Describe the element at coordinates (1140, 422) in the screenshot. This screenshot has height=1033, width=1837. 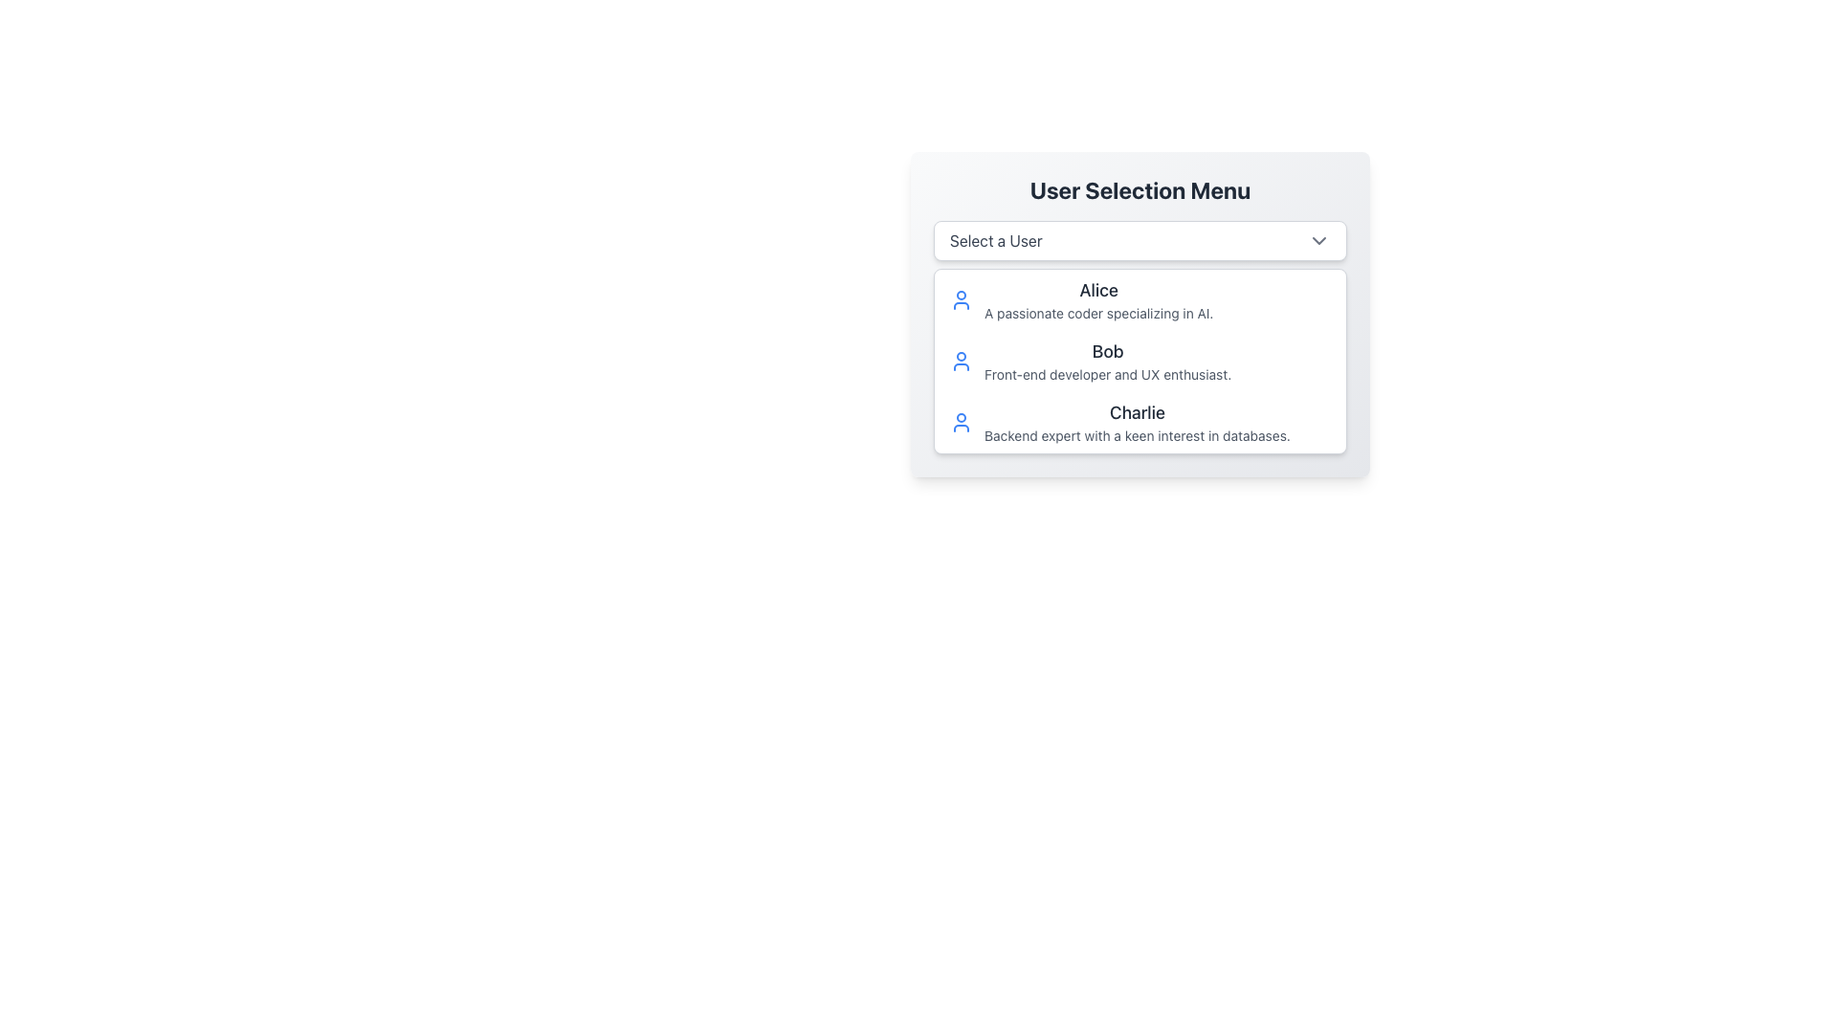
I see `the user selection item representing 'Charlie' in the 'User Selection Menu'` at that location.